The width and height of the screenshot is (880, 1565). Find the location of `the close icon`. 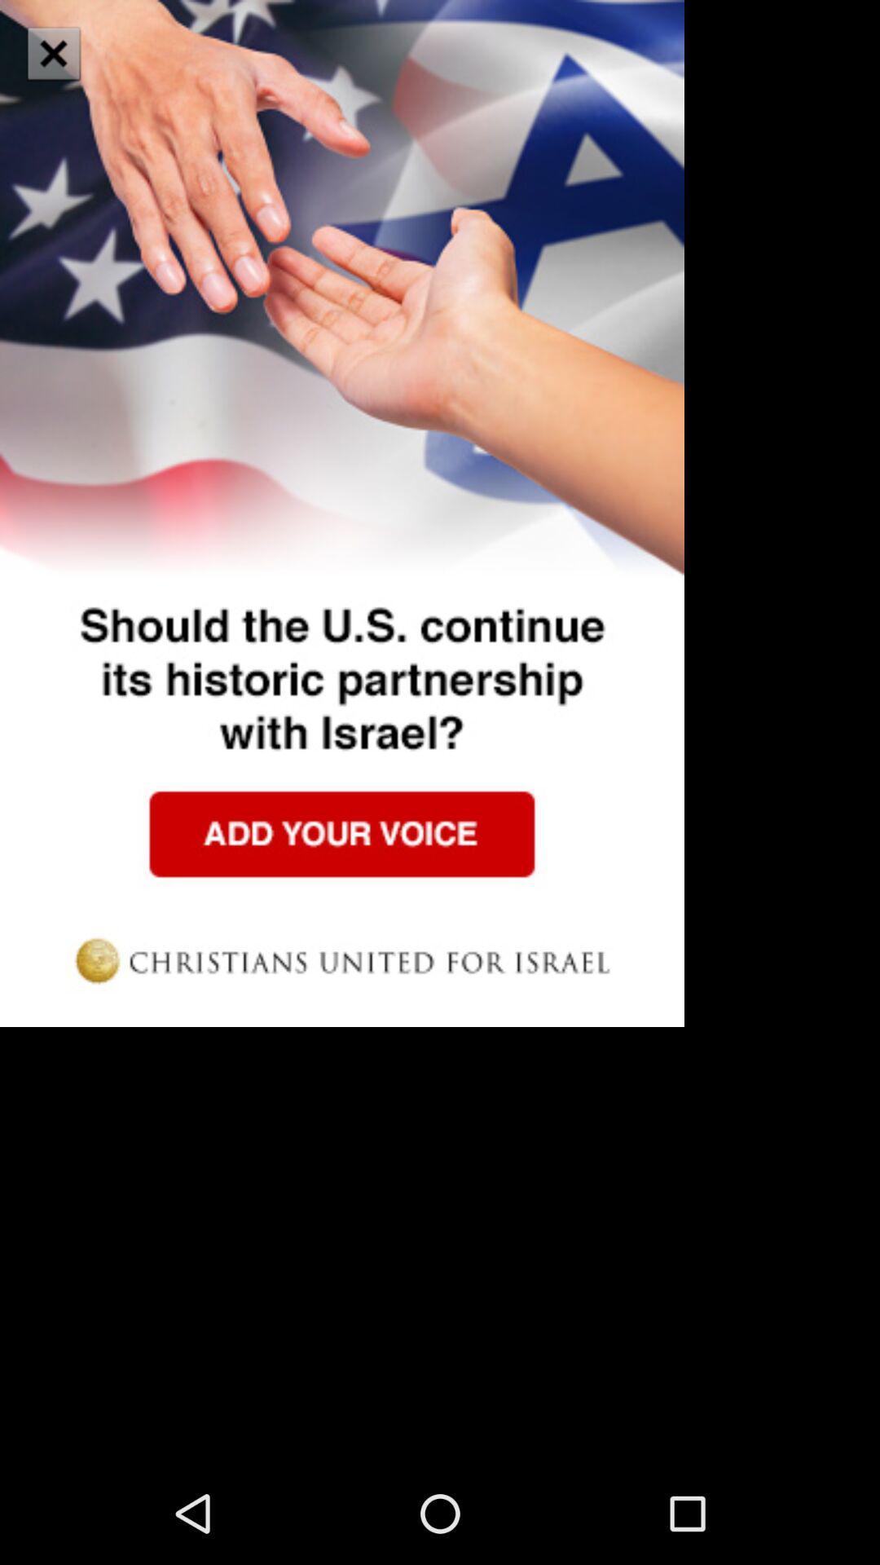

the close icon is located at coordinates (52, 57).